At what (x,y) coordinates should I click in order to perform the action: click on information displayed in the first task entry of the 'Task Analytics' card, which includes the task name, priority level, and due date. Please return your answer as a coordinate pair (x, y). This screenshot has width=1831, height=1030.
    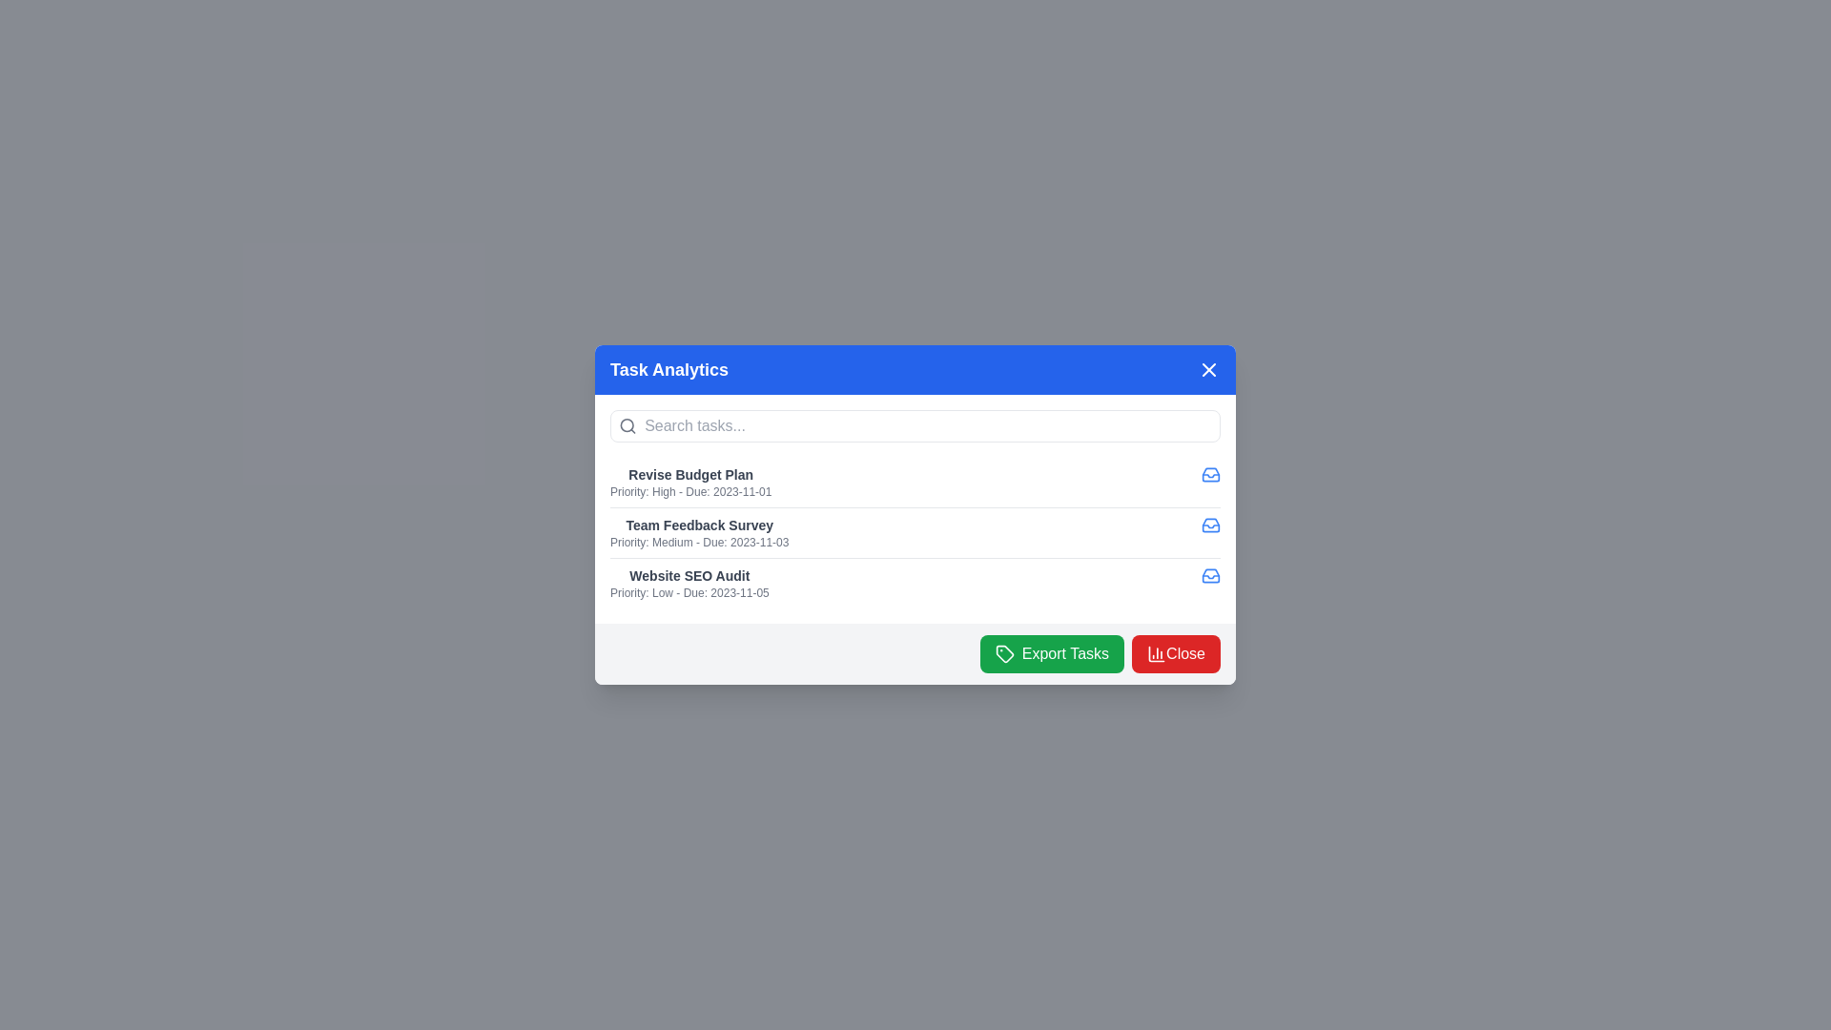
    Looking at the image, I should click on (689, 481).